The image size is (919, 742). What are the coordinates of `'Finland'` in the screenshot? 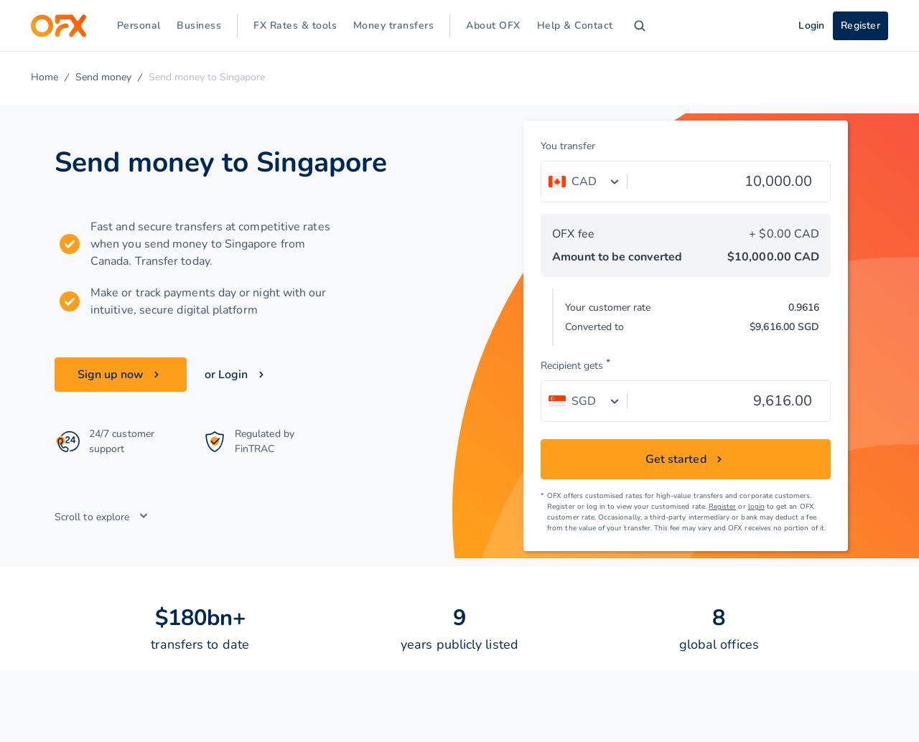 It's located at (299, 194).